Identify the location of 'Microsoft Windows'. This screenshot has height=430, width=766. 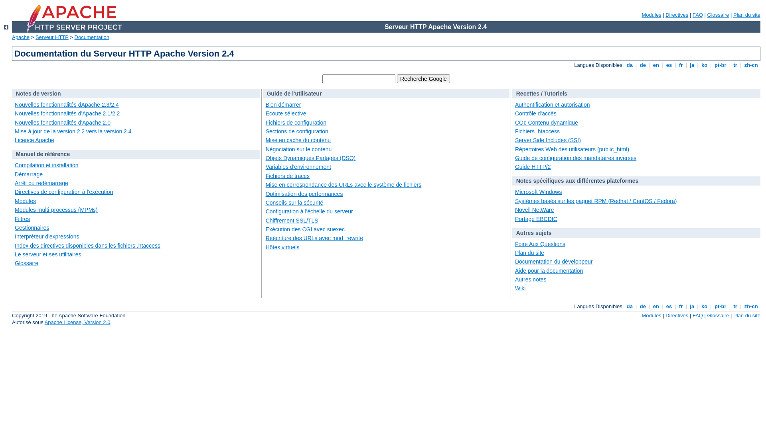
(538, 192).